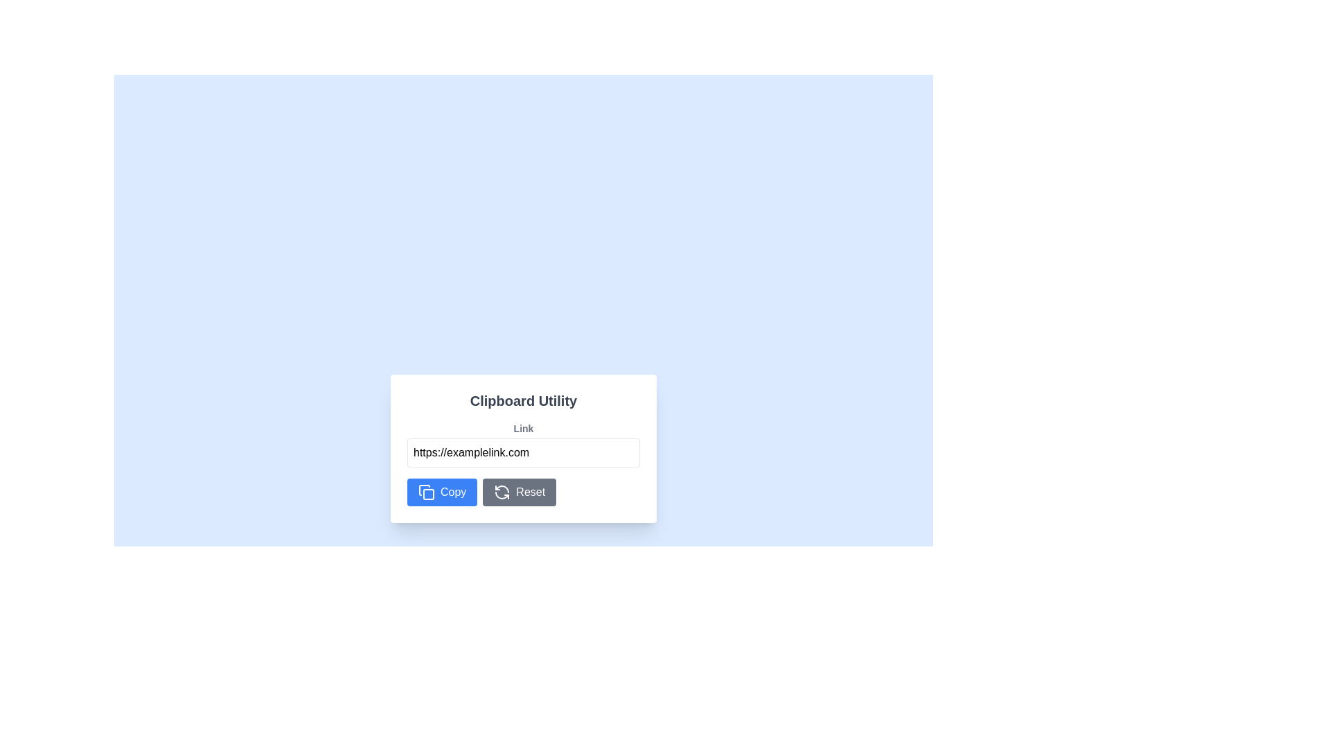  I want to click on the text label that indicates the functionality of the reset button, positioned to the right of the refresh icon and aligned horizontally with the 'Copy' button, so click(530, 491).